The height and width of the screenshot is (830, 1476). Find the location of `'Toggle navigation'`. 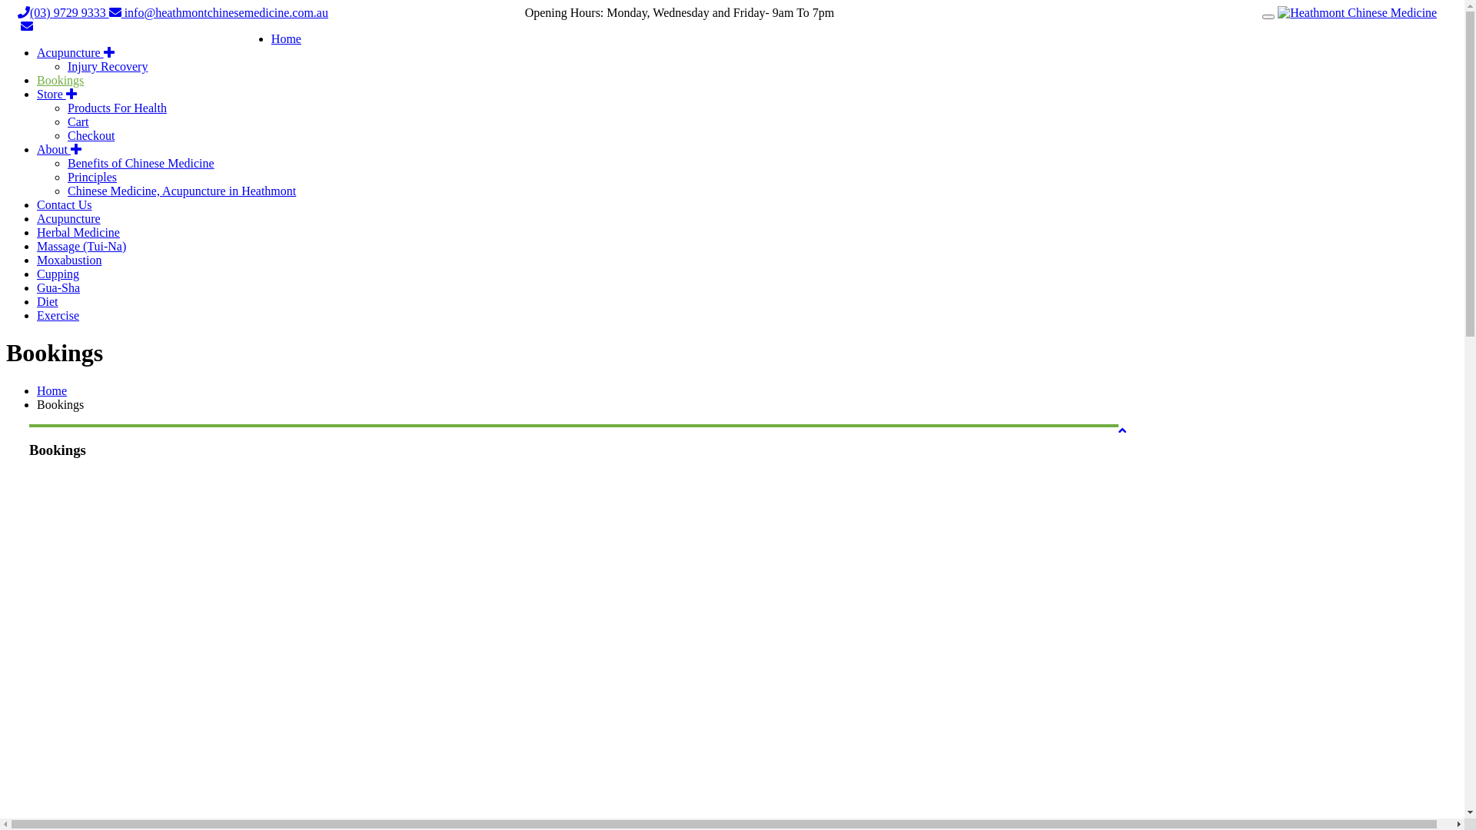

'Toggle navigation' is located at coordinates (1268, 17).